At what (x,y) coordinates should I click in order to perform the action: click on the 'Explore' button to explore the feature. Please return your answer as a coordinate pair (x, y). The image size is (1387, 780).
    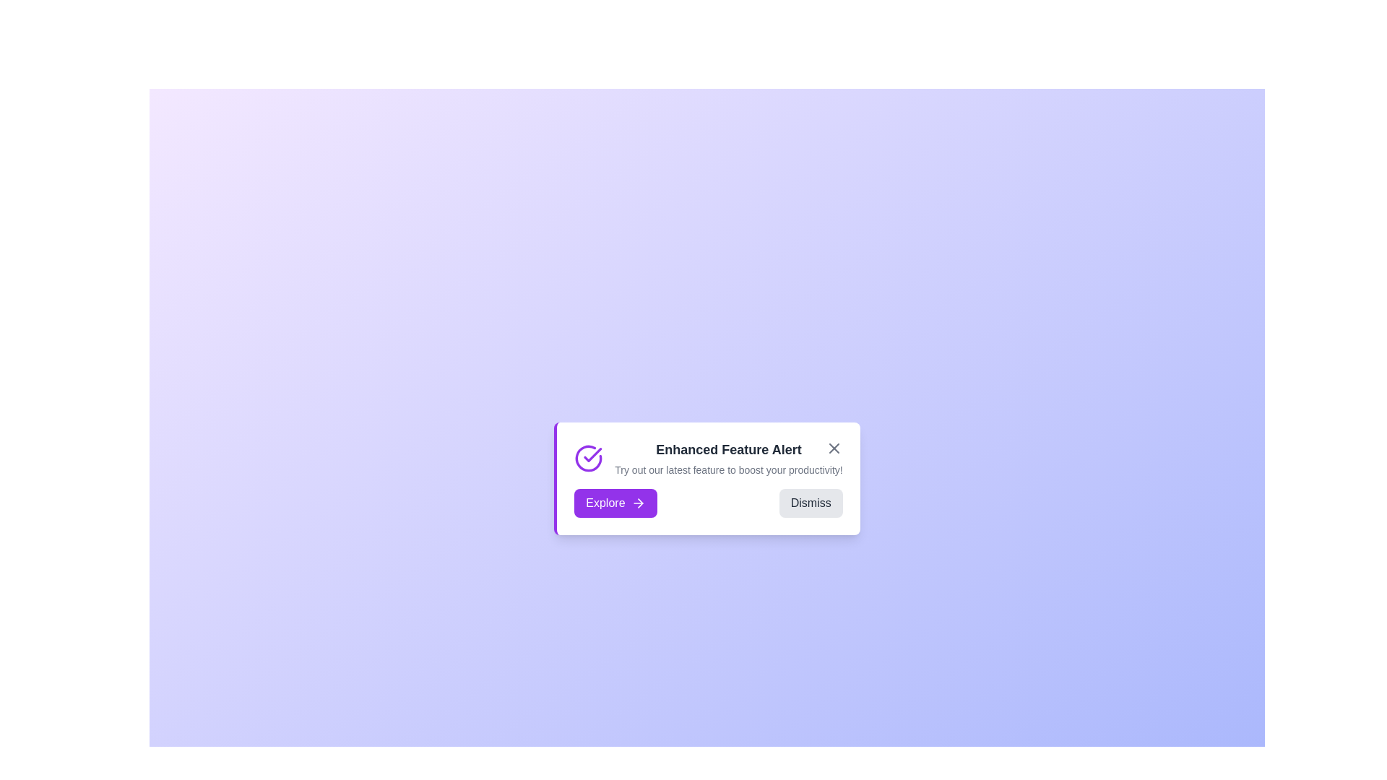
    Looking at the image, I should click on (615, 503).